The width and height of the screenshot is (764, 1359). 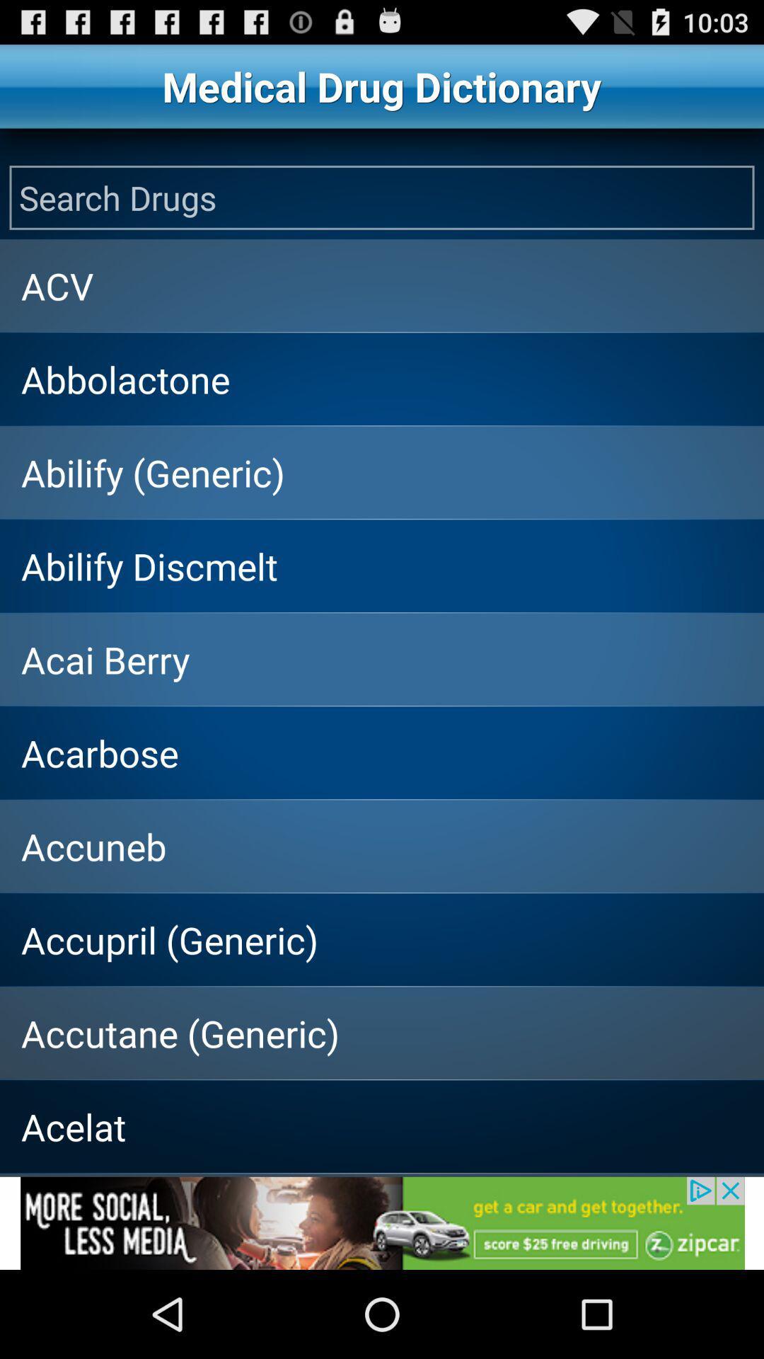 I want to click on more information about an advertisement, so click(x=382, y=1222).